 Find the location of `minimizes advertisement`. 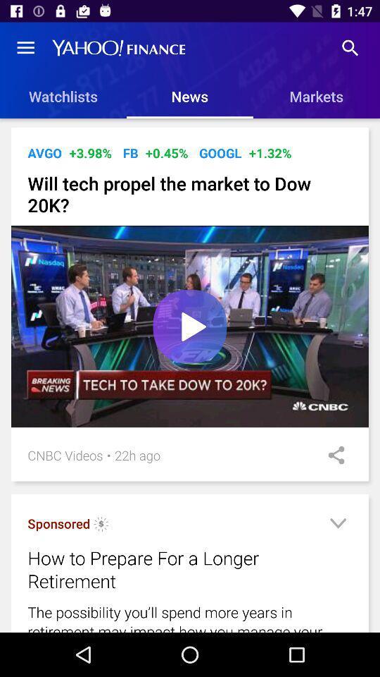

minimizes advertisement is located at coordinates (337, 525).